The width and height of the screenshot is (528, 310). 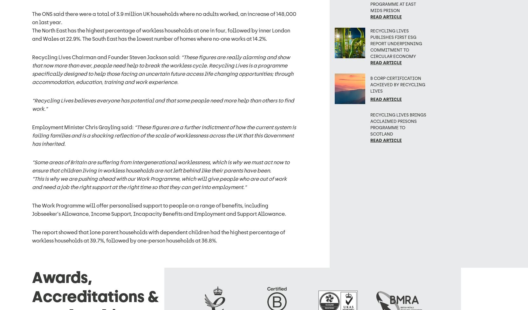 I want to click on 'uk.info@recyclinglives.com', so click(x=66, y=240).